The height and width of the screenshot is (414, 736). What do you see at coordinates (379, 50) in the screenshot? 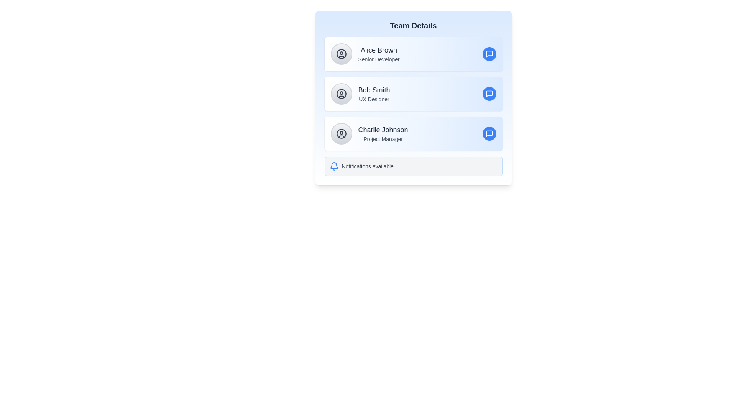
I see `text label displaying 'Alice Brown', which is styled in a medium-sized, bold font with a dark gray color, located at the top of the team members list in the 'Team Details' section` at bounding box center [379, 50].